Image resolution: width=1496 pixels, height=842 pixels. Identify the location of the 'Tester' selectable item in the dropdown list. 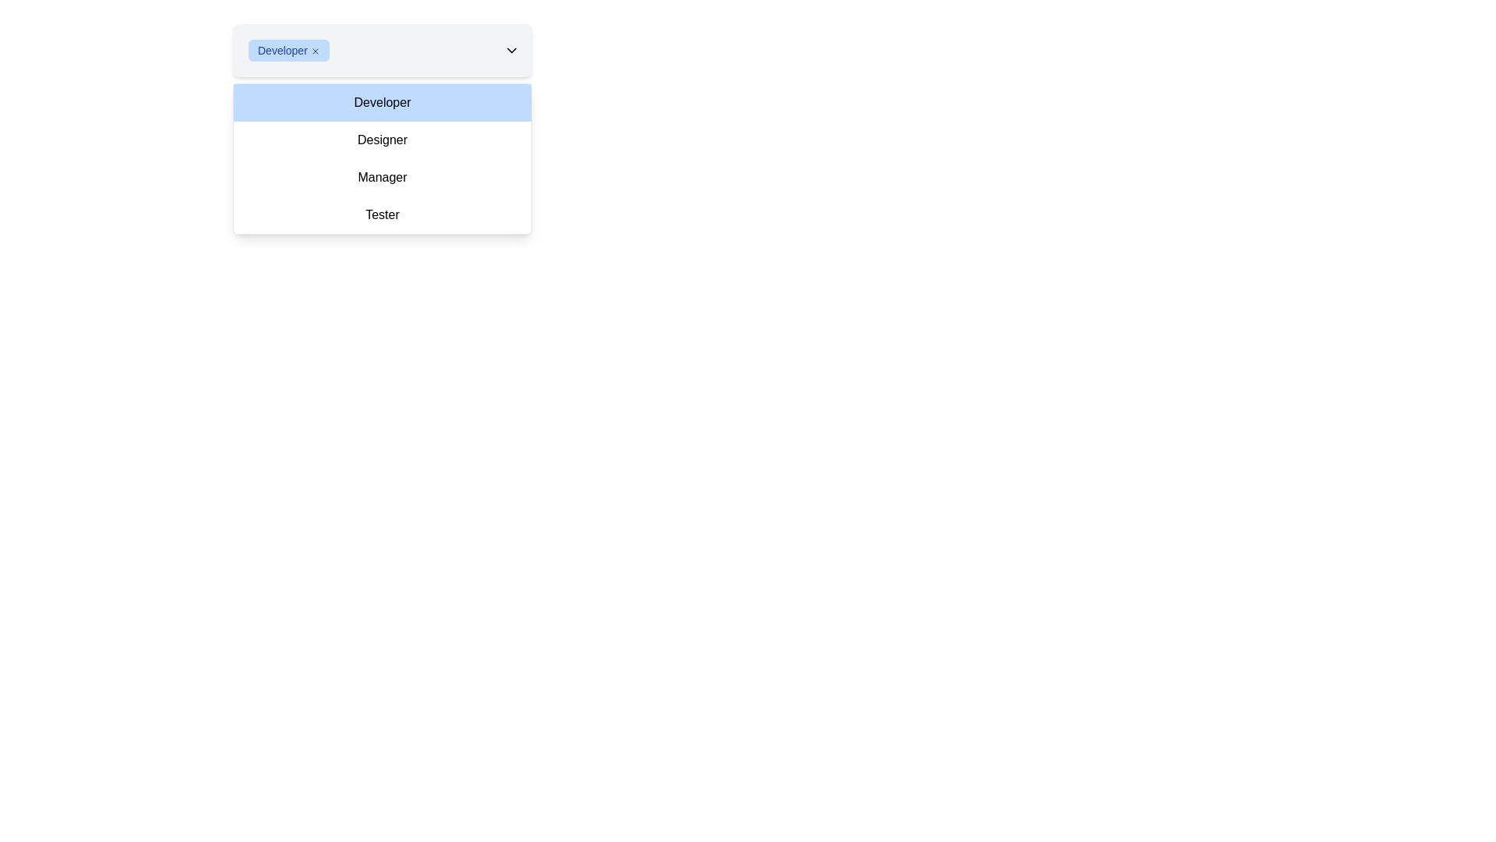
(382, 215).